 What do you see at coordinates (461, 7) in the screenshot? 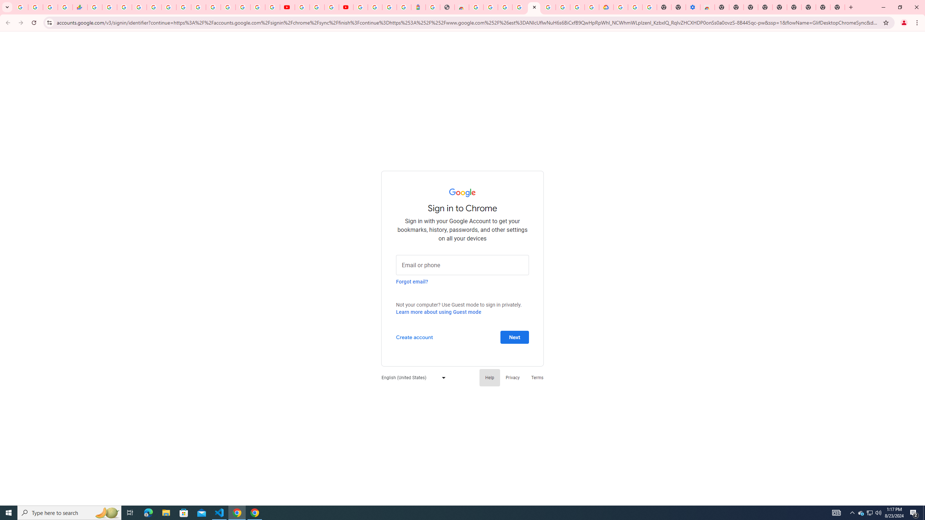
I see `'Chrome Web Store - Household'` at bounding box center [461, 7].